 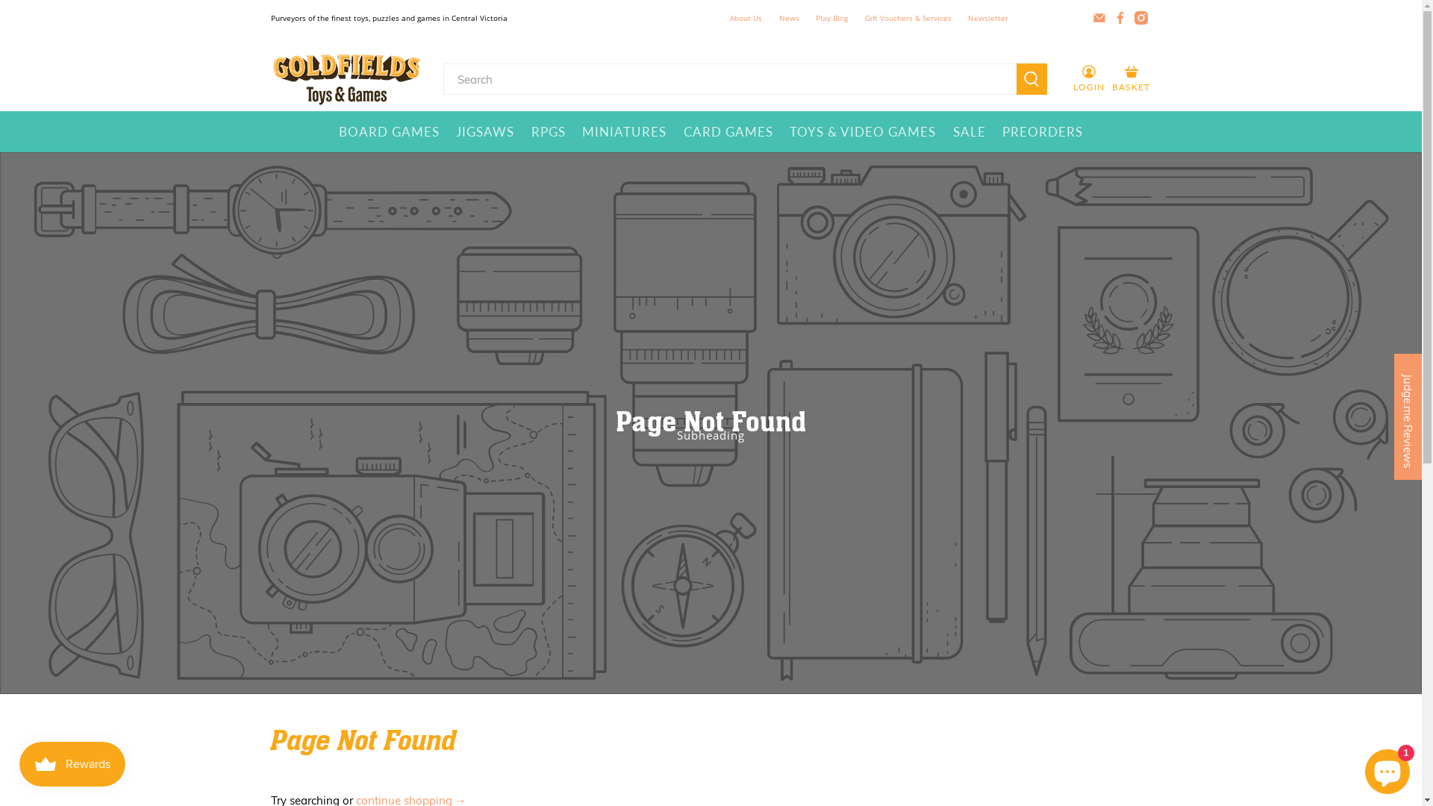 I want to click on 'Smile.io Rewards Program Launcher', so click(x=71, y=763).